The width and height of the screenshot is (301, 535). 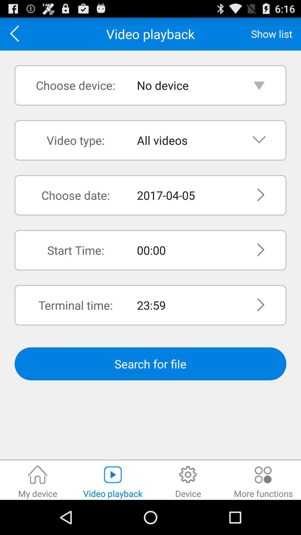 What do you see at coordinates (151, 364) in the screenshot?
I see `search for file item` at bounding box center [151, 364].